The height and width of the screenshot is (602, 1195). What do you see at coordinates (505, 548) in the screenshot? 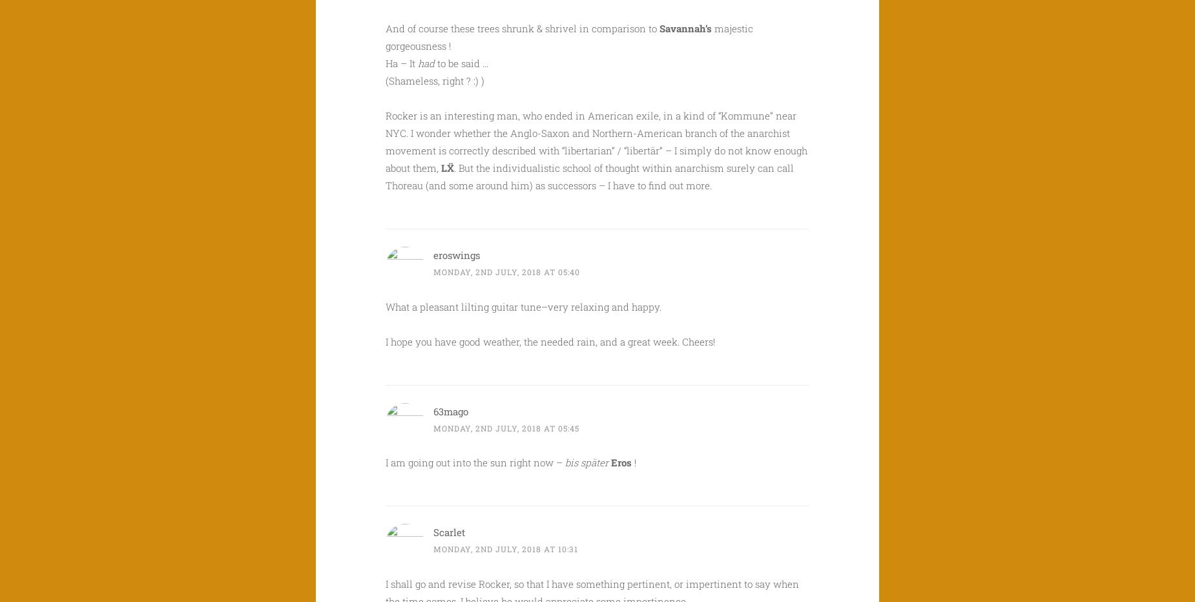
I see `'Monday, 2nd July, 2018 at 10:31'` at bounding box center [505, 548].